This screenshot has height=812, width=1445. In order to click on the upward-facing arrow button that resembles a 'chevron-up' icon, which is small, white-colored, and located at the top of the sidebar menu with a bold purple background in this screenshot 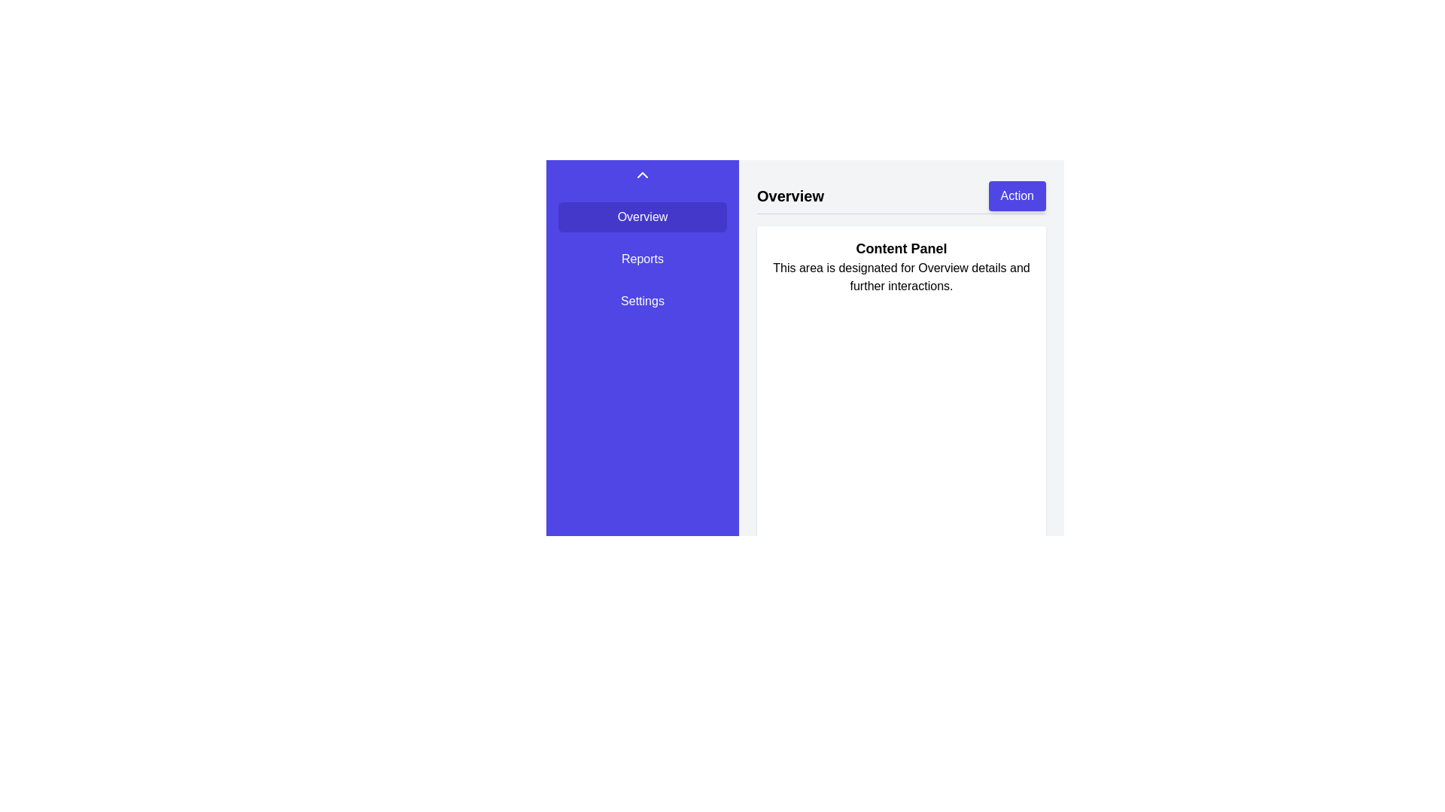, I will do `click(643, 174)`.